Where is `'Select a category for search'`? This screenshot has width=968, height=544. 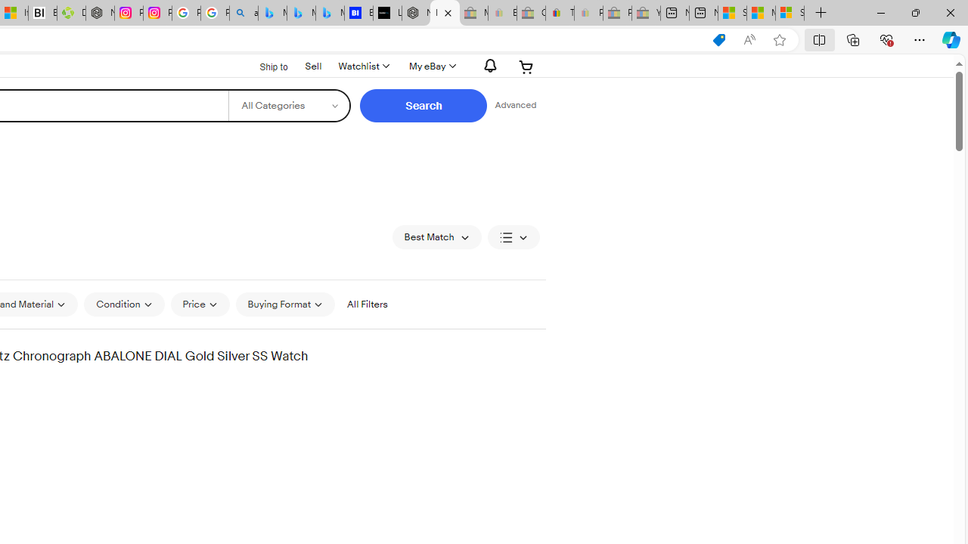
'Select a category for search' is located at coordinates (289, 105).